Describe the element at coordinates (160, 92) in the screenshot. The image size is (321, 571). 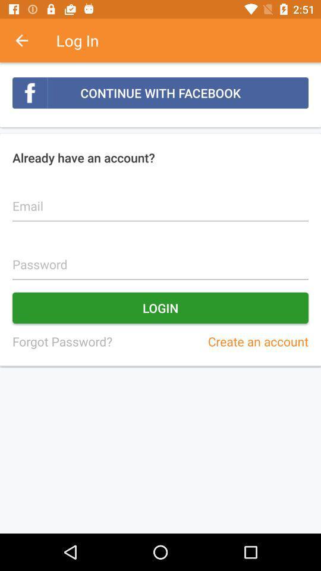
I see `the continue with facebook` at that location.